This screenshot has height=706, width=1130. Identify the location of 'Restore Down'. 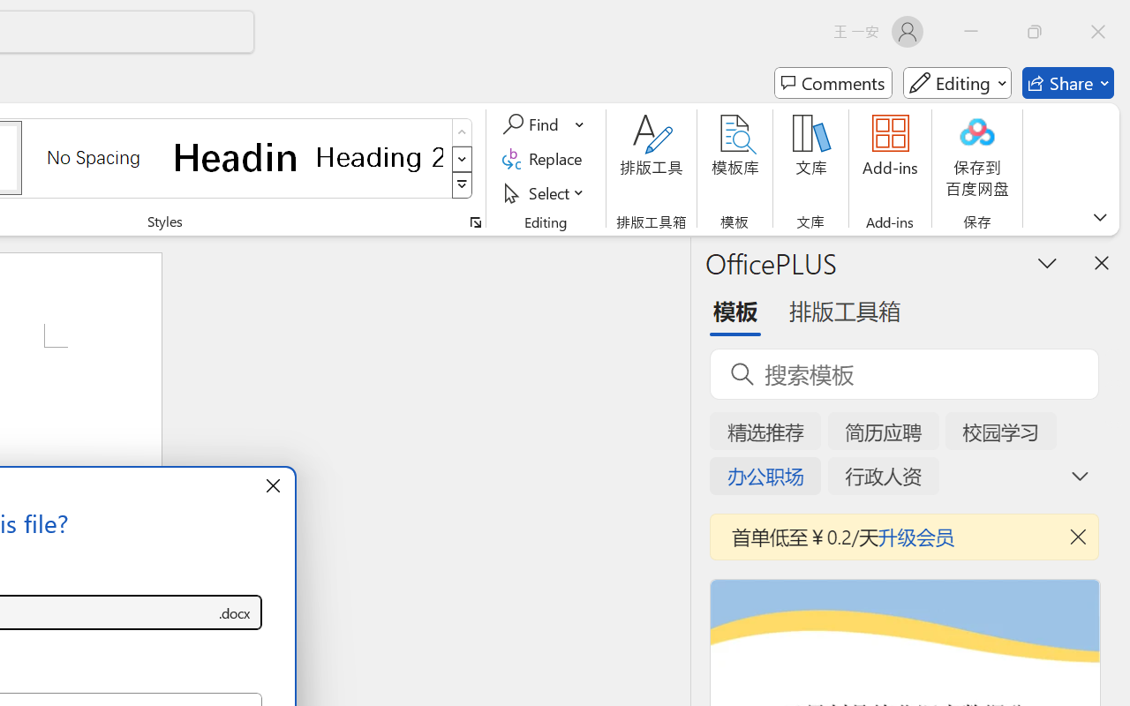
(1035, 31).